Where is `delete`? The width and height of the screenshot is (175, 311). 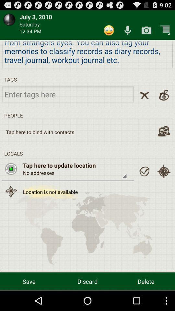
delete is located at coordinates (146, 281).